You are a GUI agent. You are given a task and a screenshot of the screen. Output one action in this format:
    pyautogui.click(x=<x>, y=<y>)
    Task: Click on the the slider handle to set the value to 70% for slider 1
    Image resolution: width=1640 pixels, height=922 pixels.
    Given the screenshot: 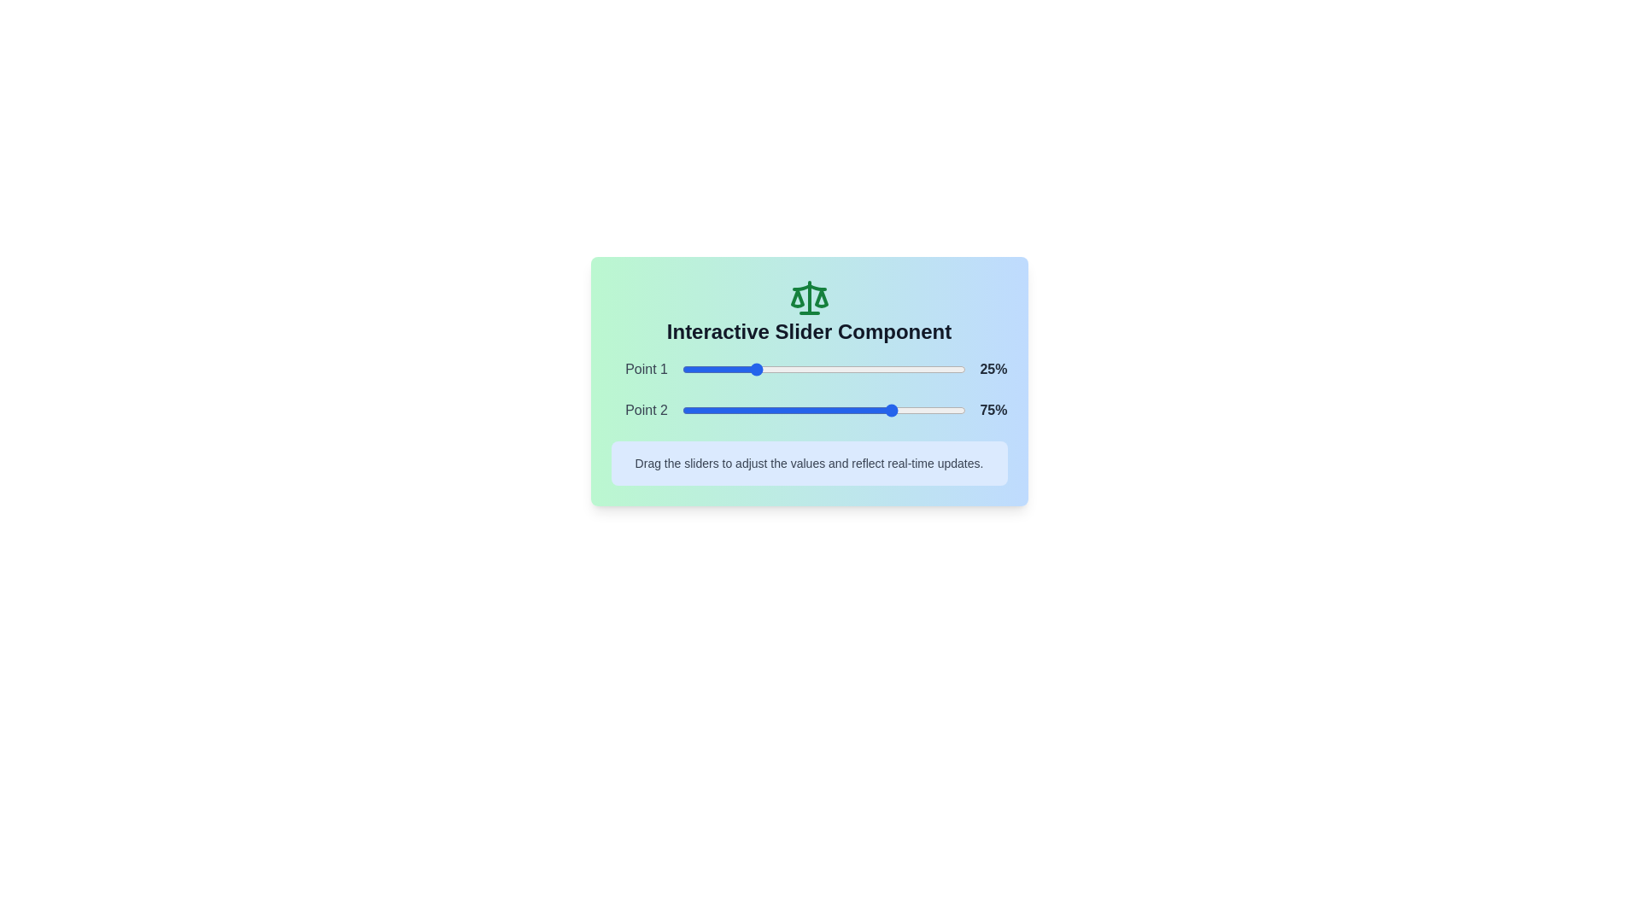 What is the action you would take?
    pyautogui.click(x=881, y=368)
    